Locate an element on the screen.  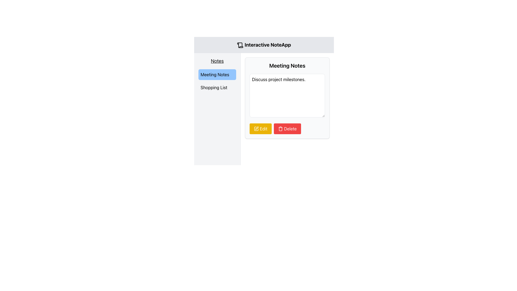
the 'Delete' button with a vibrant red background and white text, located below the 'Meeting Notes' text box, to trigger the visual hover effect is located at coordinates (287, 129).